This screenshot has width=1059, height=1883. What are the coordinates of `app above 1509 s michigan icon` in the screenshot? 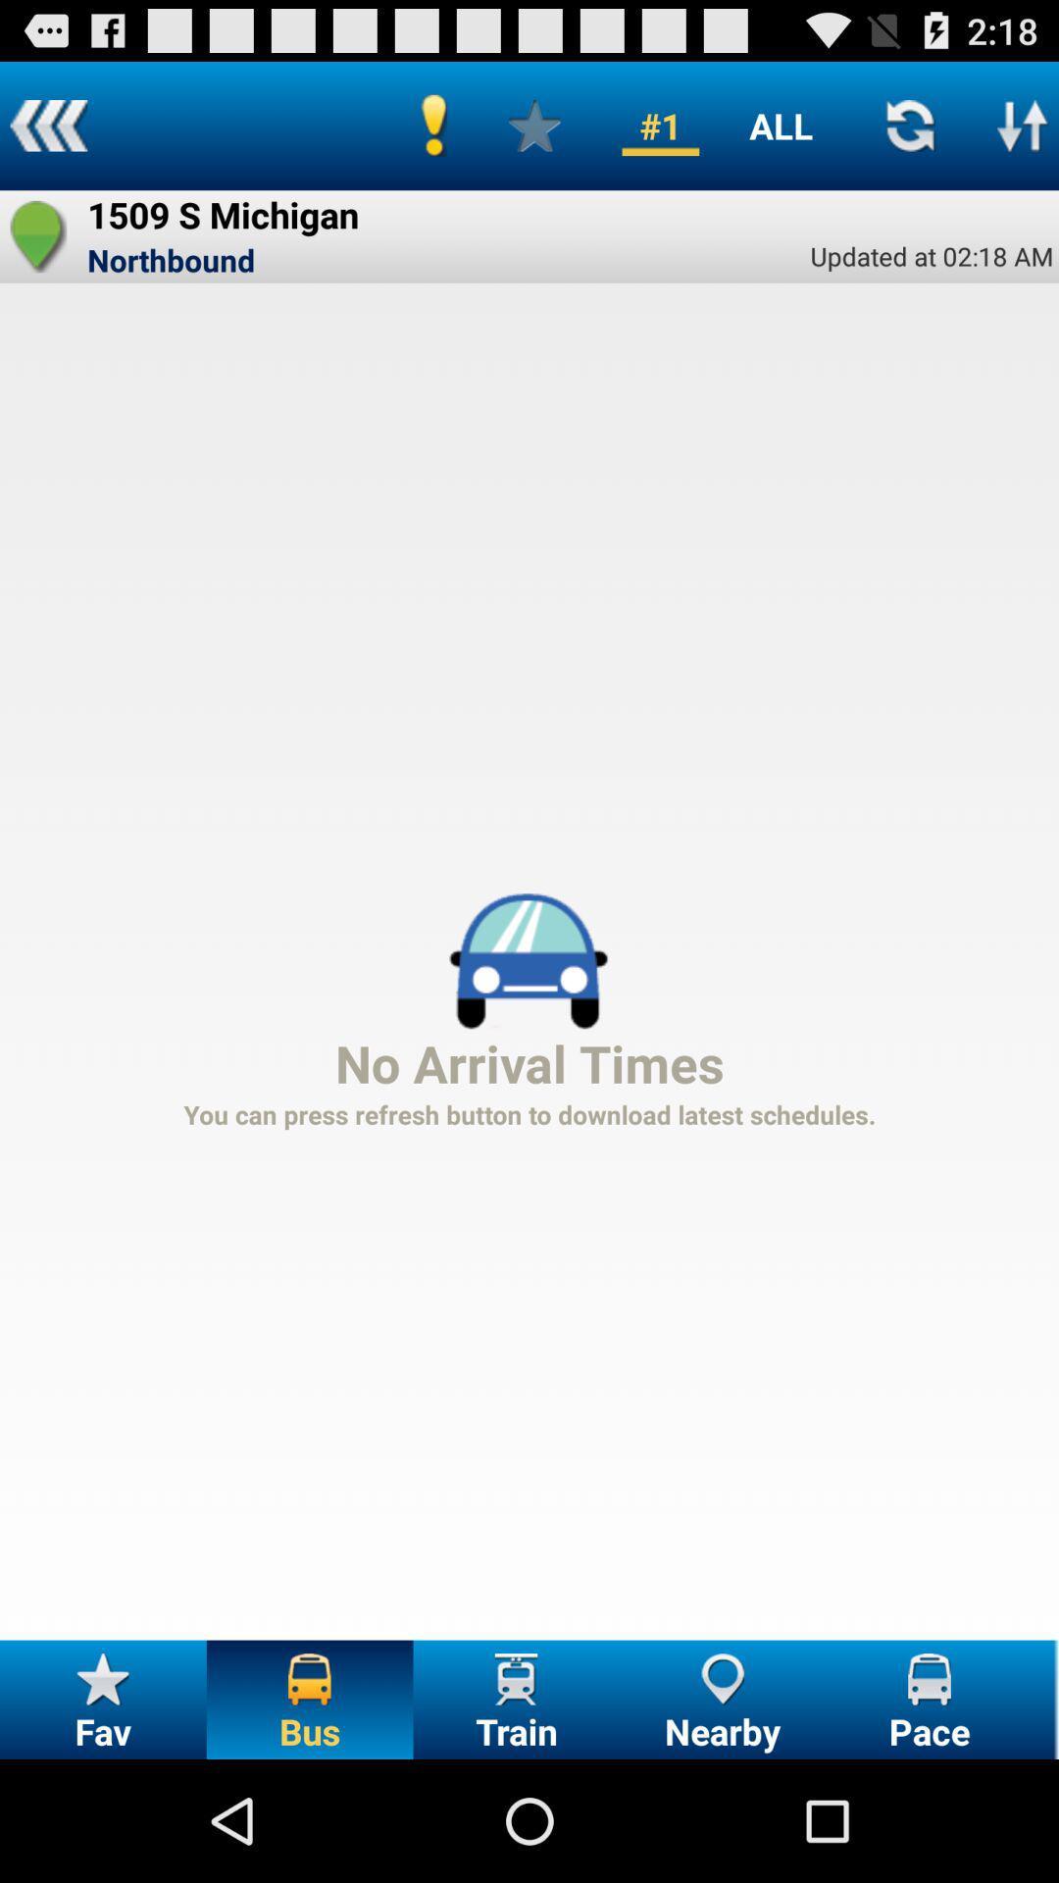 It's located at (47, 125).